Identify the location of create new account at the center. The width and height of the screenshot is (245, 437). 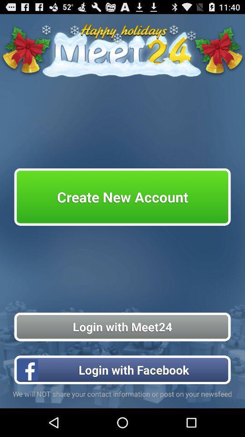
(122, 197).